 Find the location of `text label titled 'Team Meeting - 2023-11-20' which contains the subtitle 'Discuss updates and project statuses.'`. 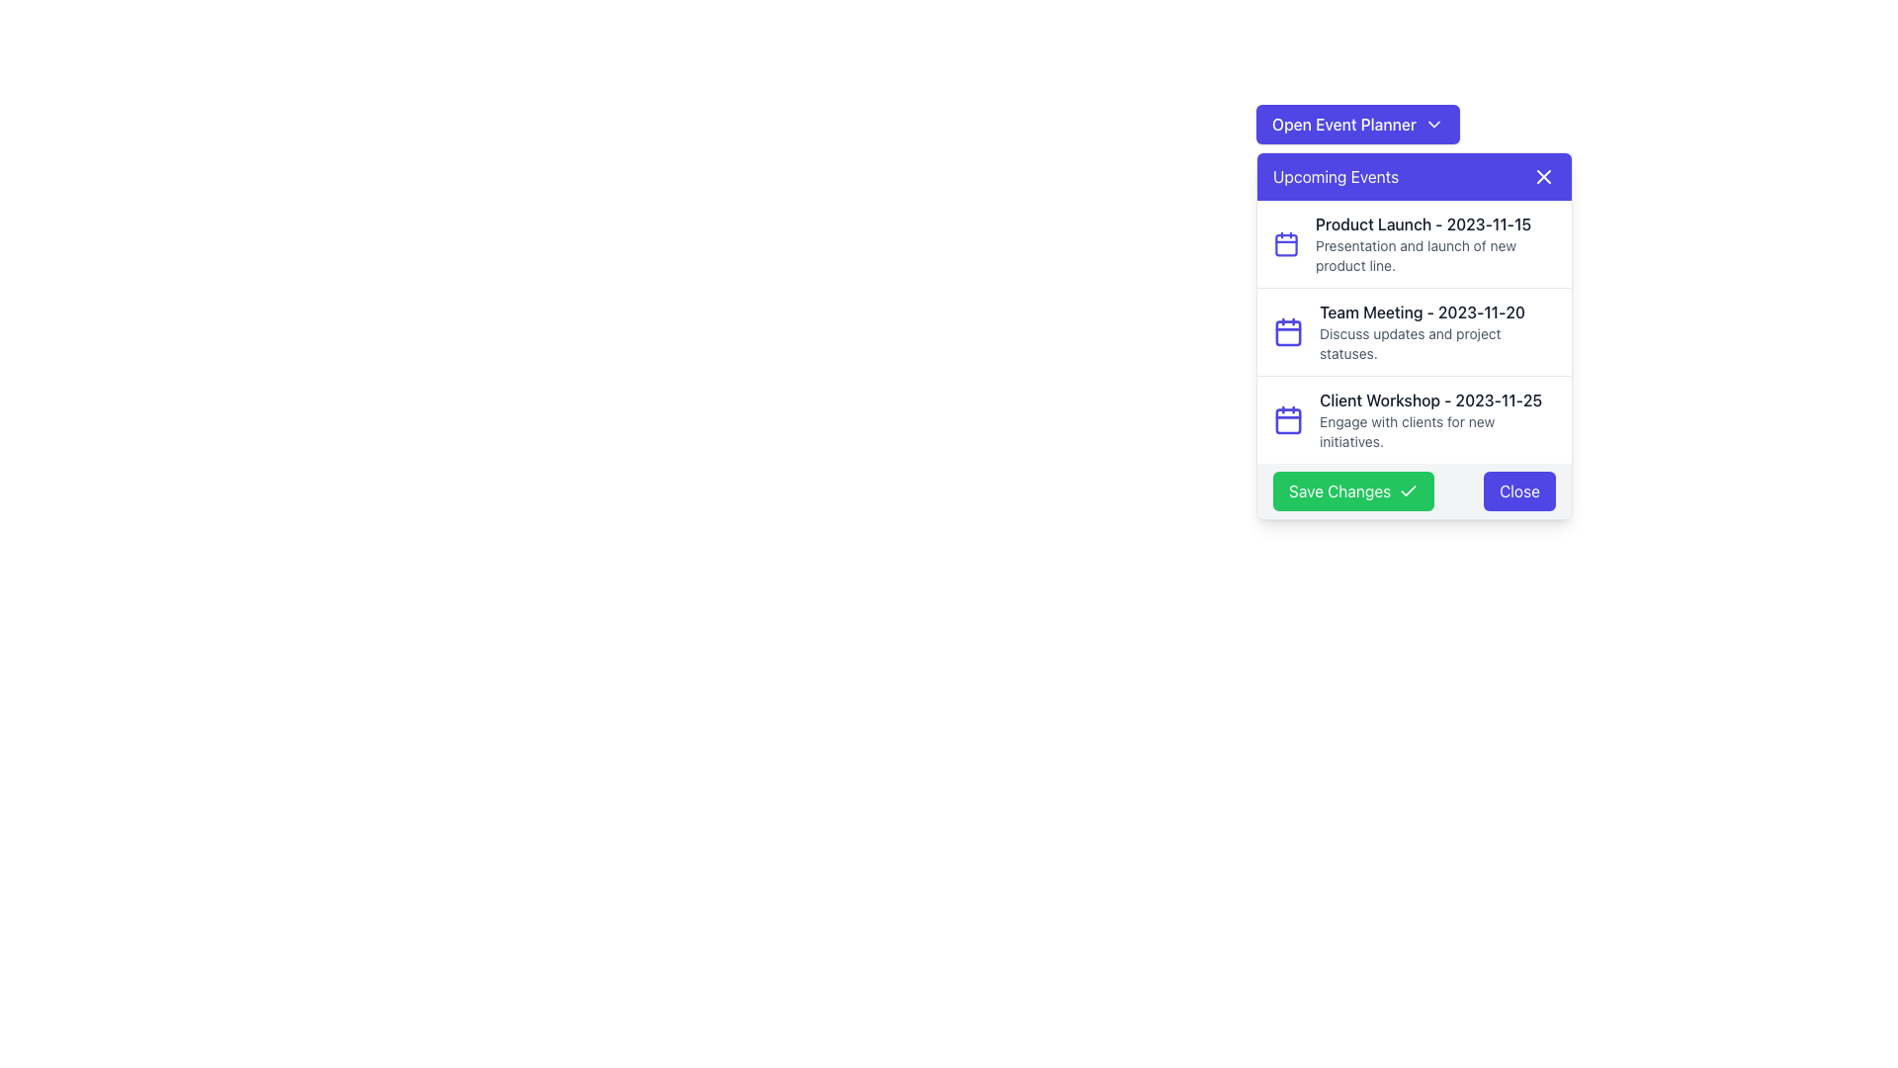

text label titled 'Team Meeting - 2023-11-20' which contains the subtitle 'Discuss updates and project statuses.' is located at coordinates (1437, 330).